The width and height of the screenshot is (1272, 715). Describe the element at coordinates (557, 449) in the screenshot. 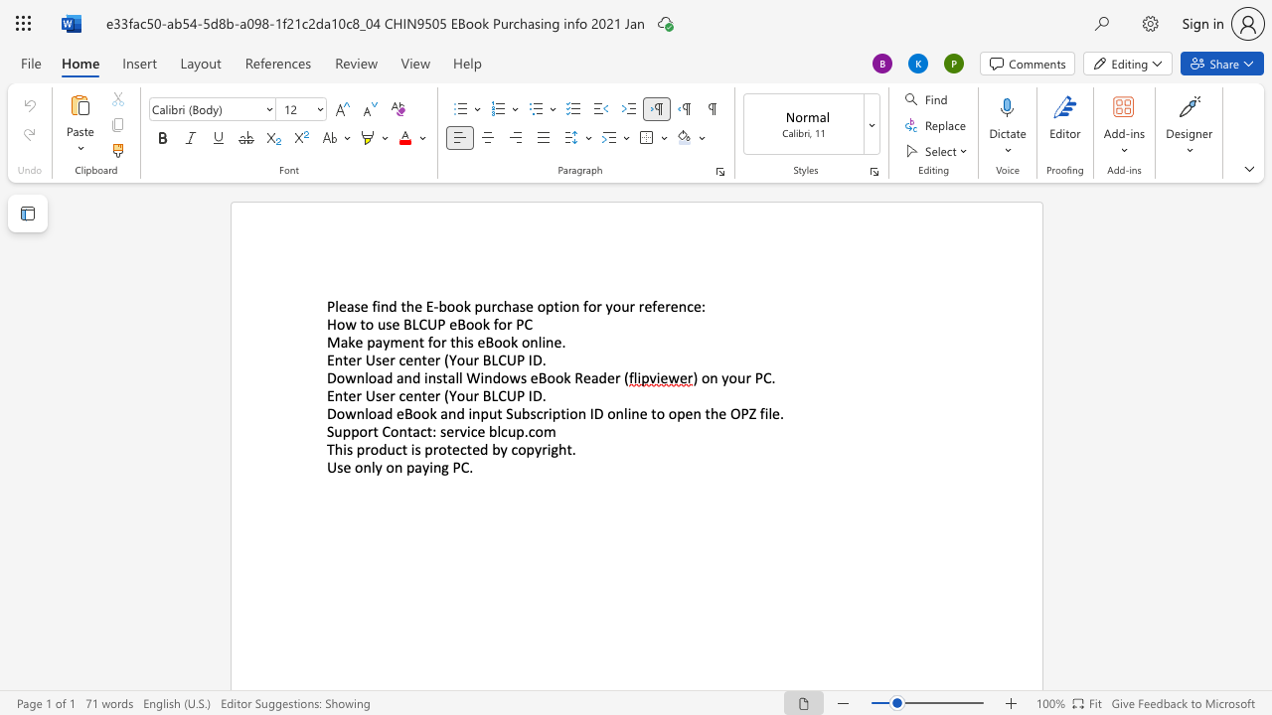

I see `the subset text "ht." within the text "This product is protected by copyright."` at that location.